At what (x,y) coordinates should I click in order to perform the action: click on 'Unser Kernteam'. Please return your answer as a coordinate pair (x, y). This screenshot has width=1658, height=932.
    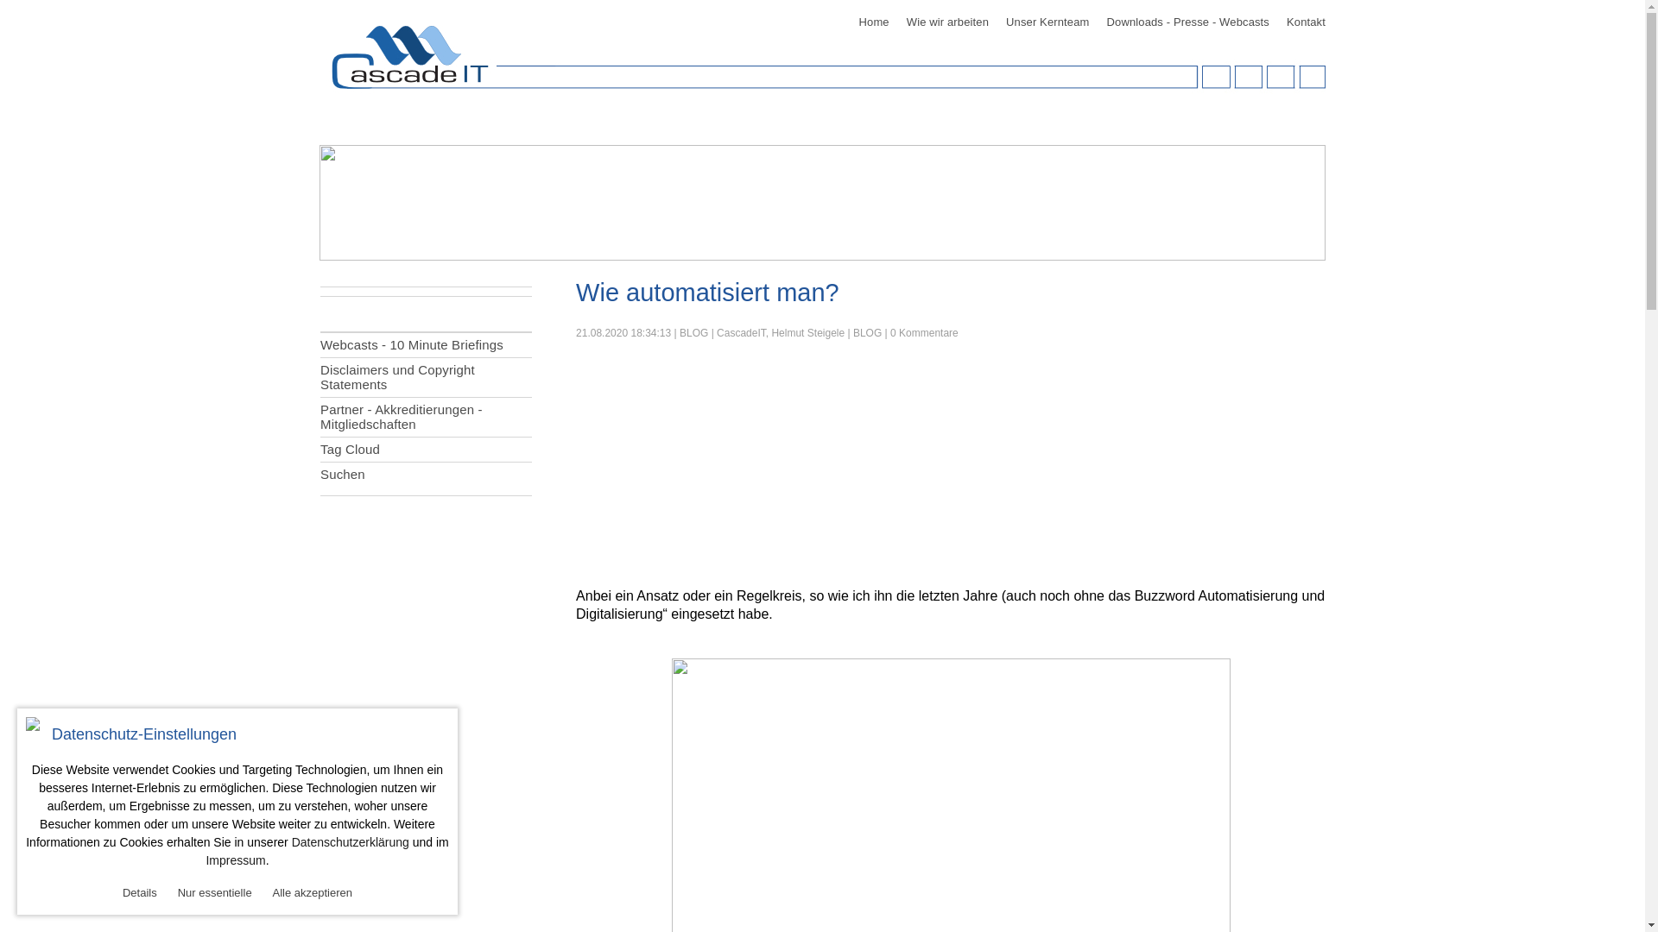
    Looking at the image, I should click on (1047, 22).